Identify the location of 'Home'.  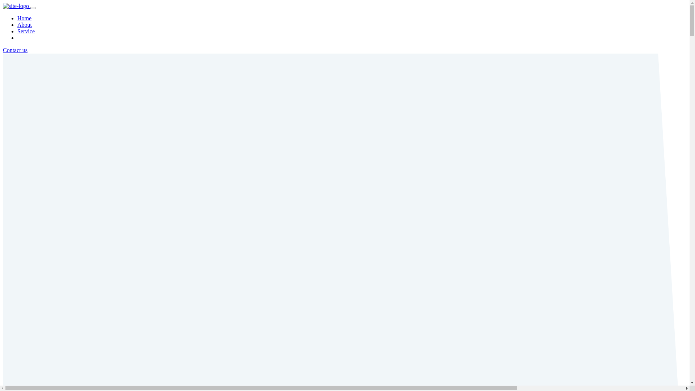
(24, 18).